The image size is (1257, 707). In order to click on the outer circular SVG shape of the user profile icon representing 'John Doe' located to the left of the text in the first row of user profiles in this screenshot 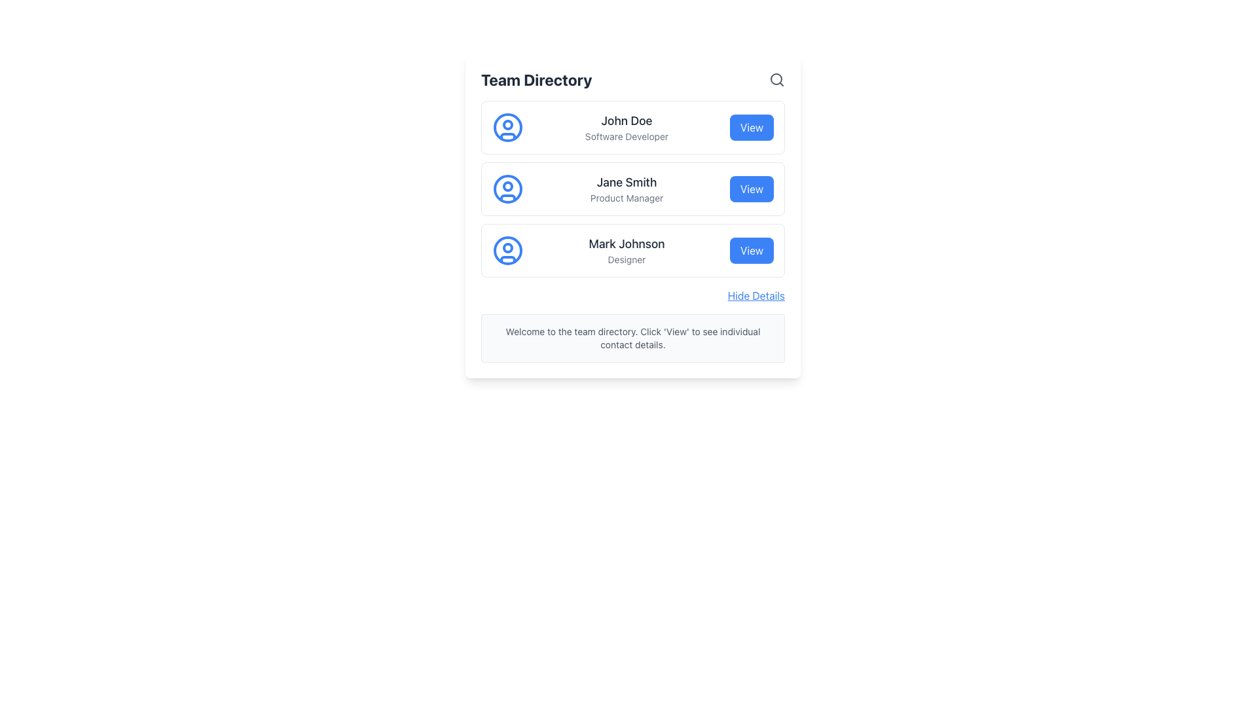, I will do `click(507, 128)`.